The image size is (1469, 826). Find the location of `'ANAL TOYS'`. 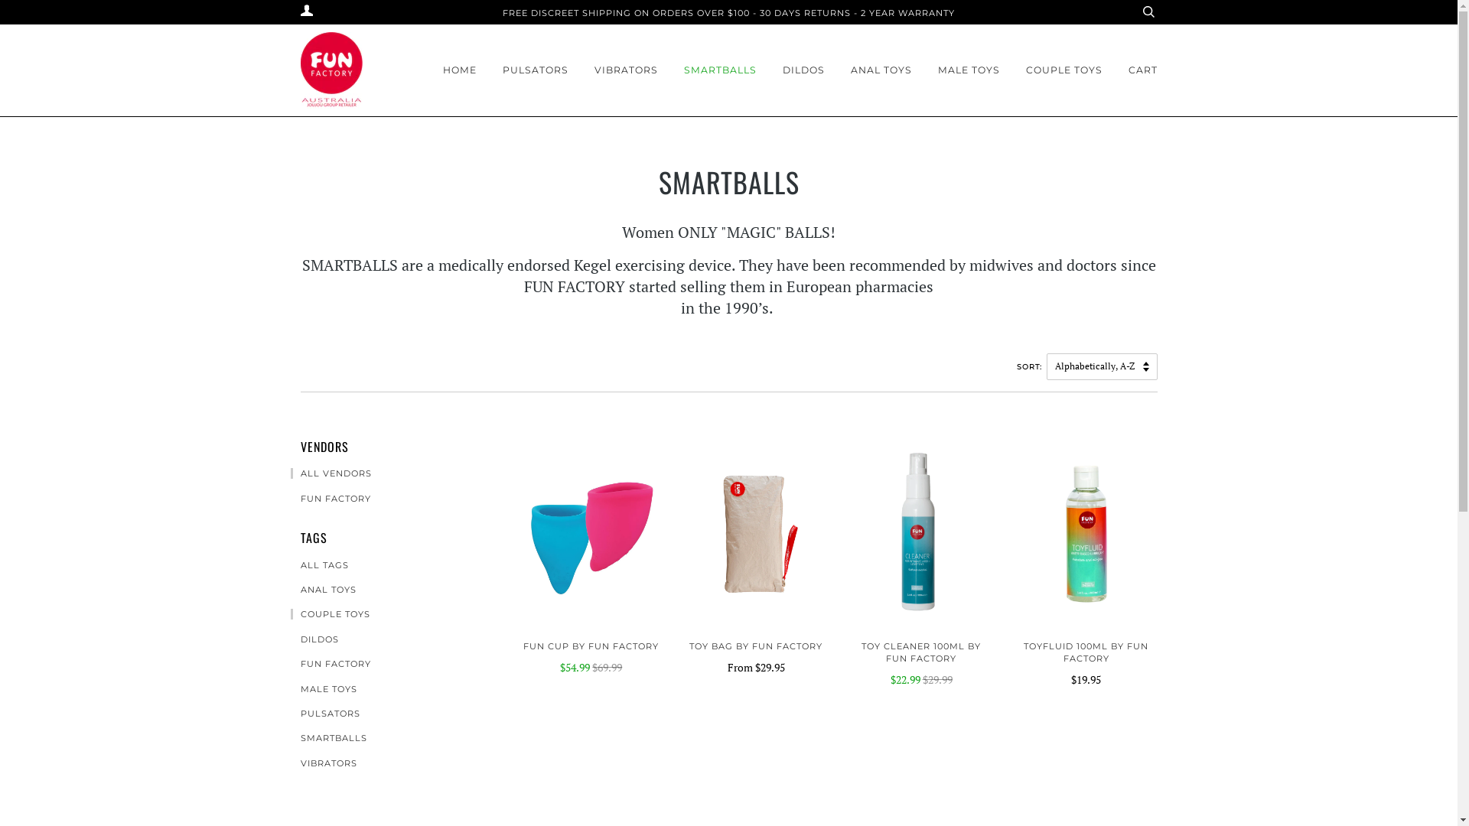

'ANAL TOYS' is located at coordinates (322, 589).